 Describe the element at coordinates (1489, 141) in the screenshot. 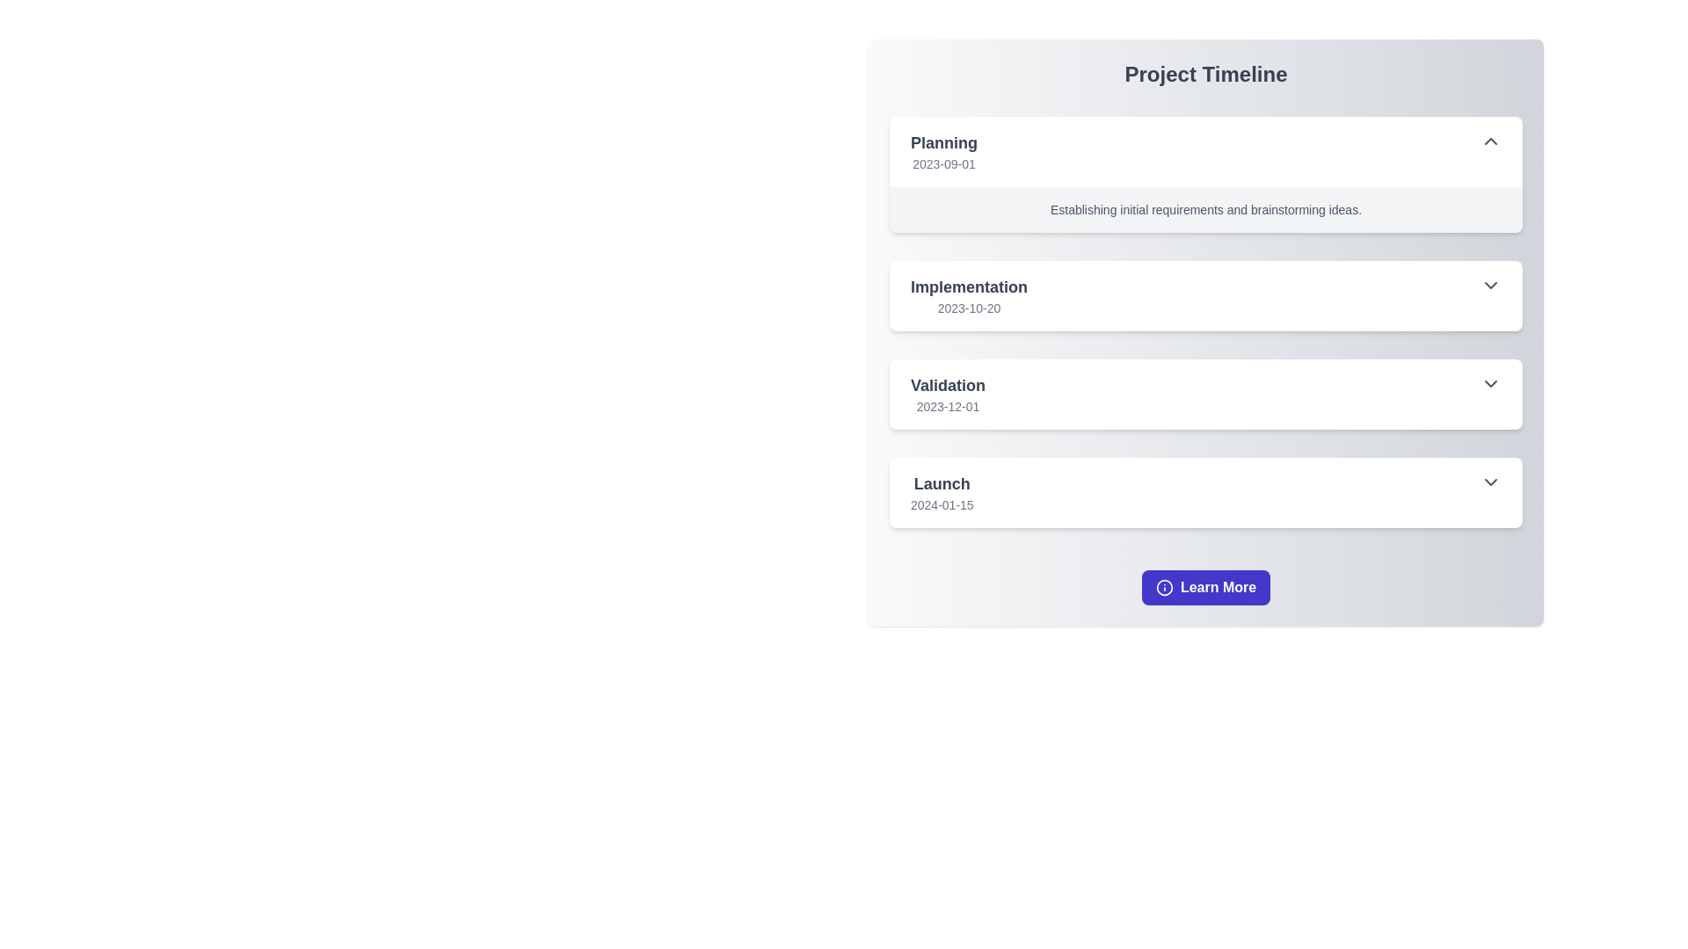

I see `the chevron up button located on the far right side of the 'Planning' item row within the 'Project Timeline' section` at that location.